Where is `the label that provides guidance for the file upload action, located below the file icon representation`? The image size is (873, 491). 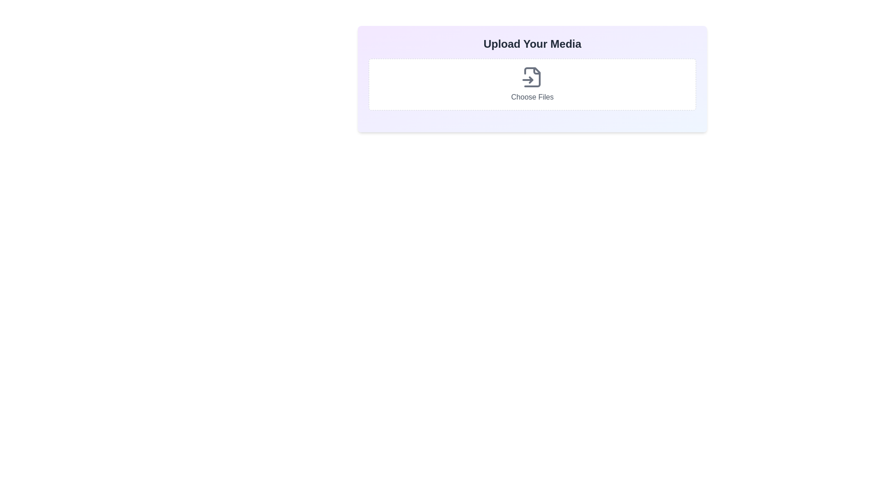
the label that provides guidance for the file upload action, located below the file icon representation is located at coordinates (532, 97).